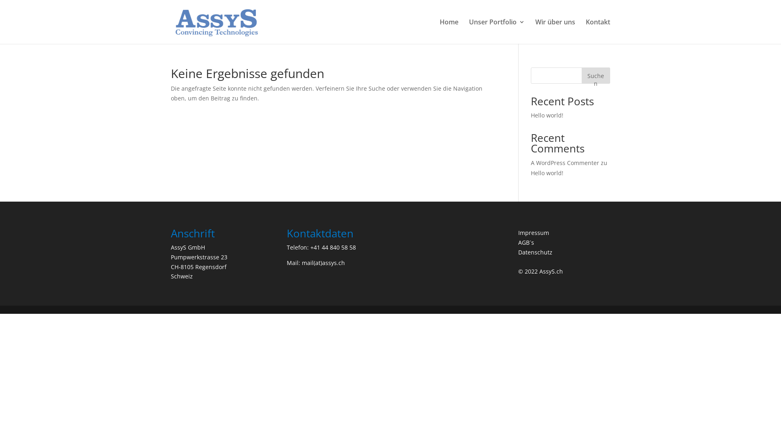 This screenshot has width=781, height=439. What do you see at coordinates (547, 172) in the screenshot?
I see `'Hello world!'` at bounding box center [547, 172].